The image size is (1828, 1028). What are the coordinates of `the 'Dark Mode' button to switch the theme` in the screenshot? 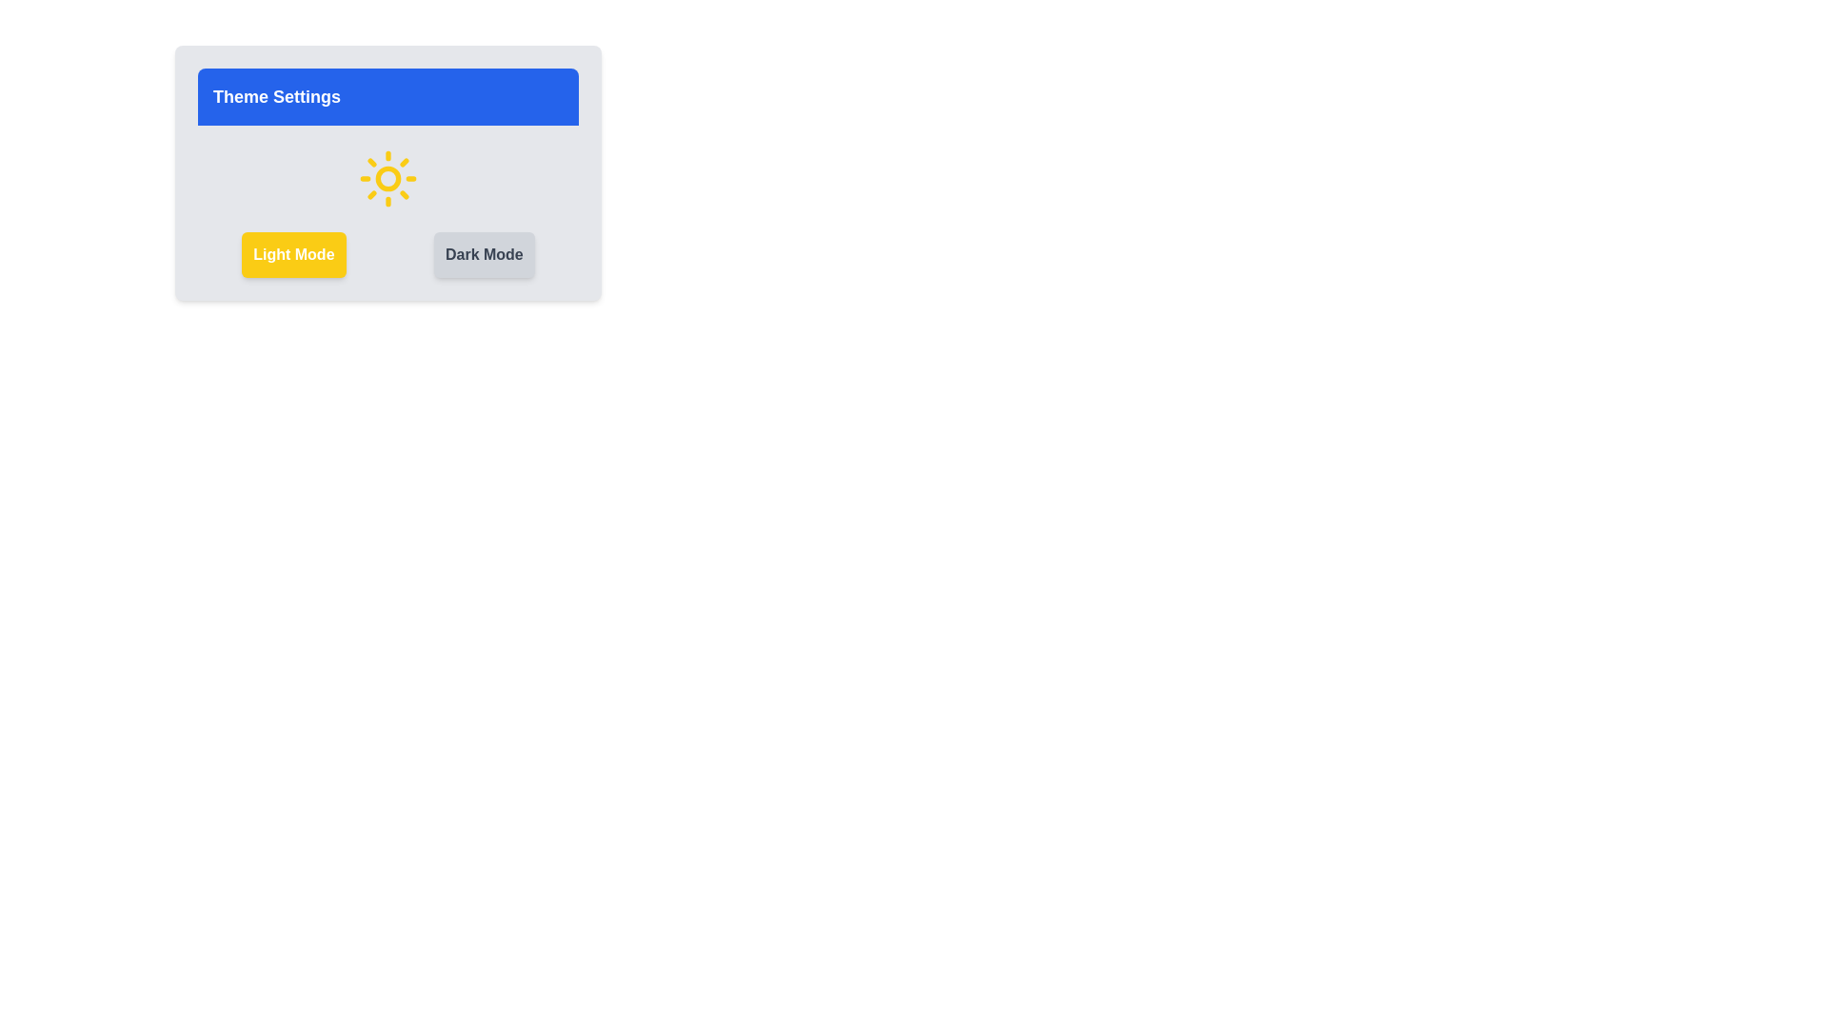 It's located at (484, 253).